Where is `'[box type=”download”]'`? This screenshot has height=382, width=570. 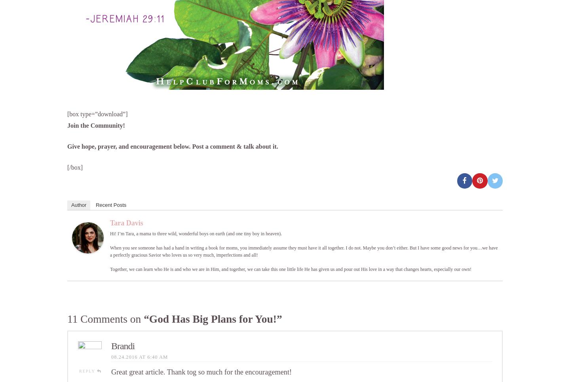 '[box type=”download”]' is located at coordinates (97, 113).